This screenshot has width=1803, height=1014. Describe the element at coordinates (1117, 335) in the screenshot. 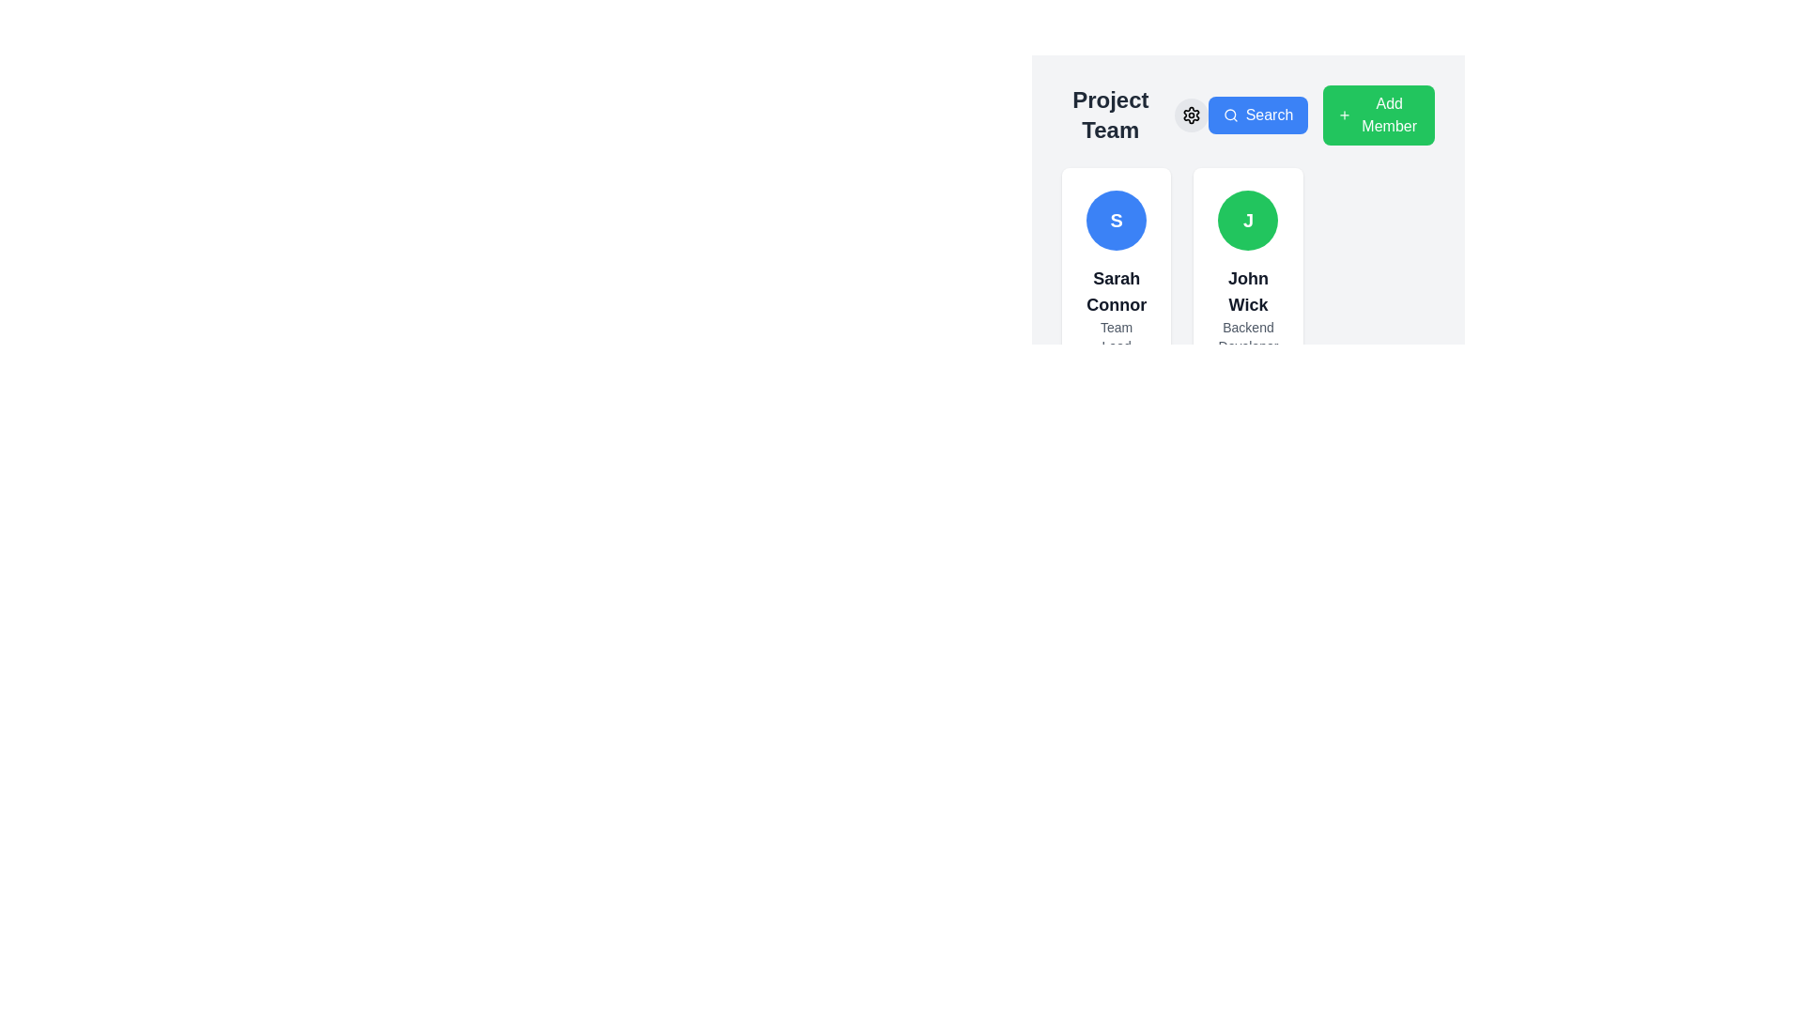

I see `the static text label that denotes the role or position of a team member, located at the bottom of the vertical card beneath the bold-text name and blue circular icon with the letter 'S'` at that location.